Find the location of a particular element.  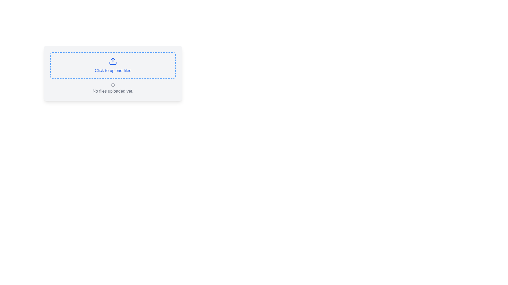

the interactive drop zone or button with a dashed blue border and a light grey background that features a blue upload icon and the text 'Click to upload files' to initiate file upload is located at coordinates (113, 65).